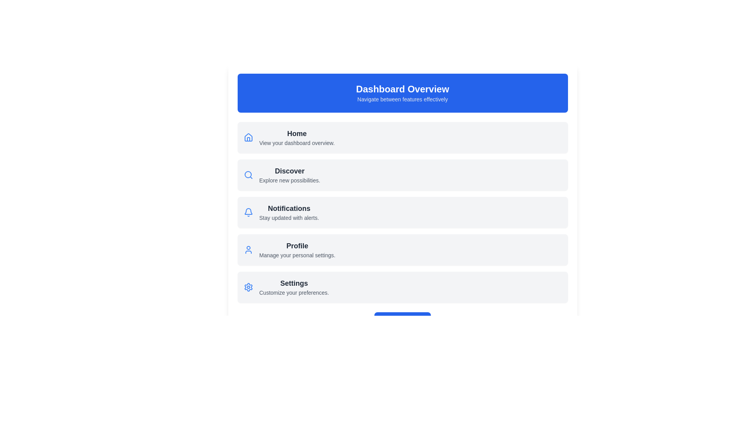  I want to click on the blue search icon, which is styled as a magnifying glass and located to the left of the 'Discover' label in the Discover section, so click(248, 174).